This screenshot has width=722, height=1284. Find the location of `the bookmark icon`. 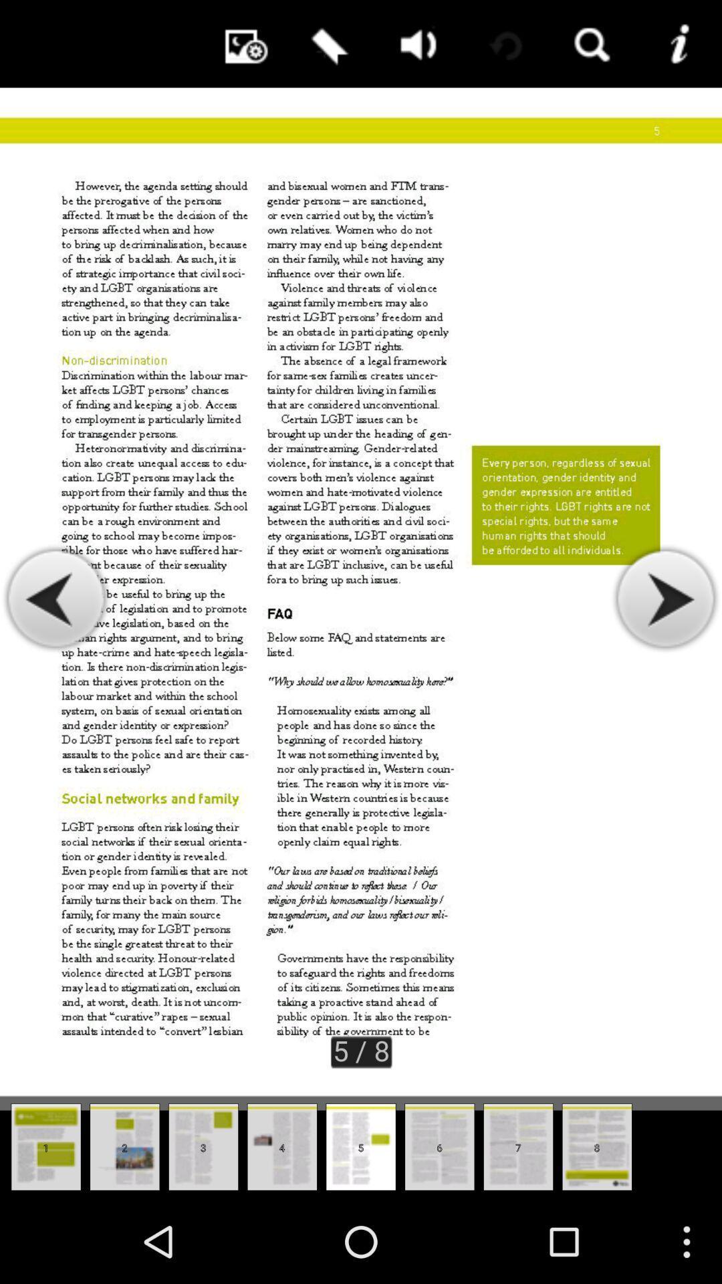

the bookmark icon is located at coordinates (327, 47).